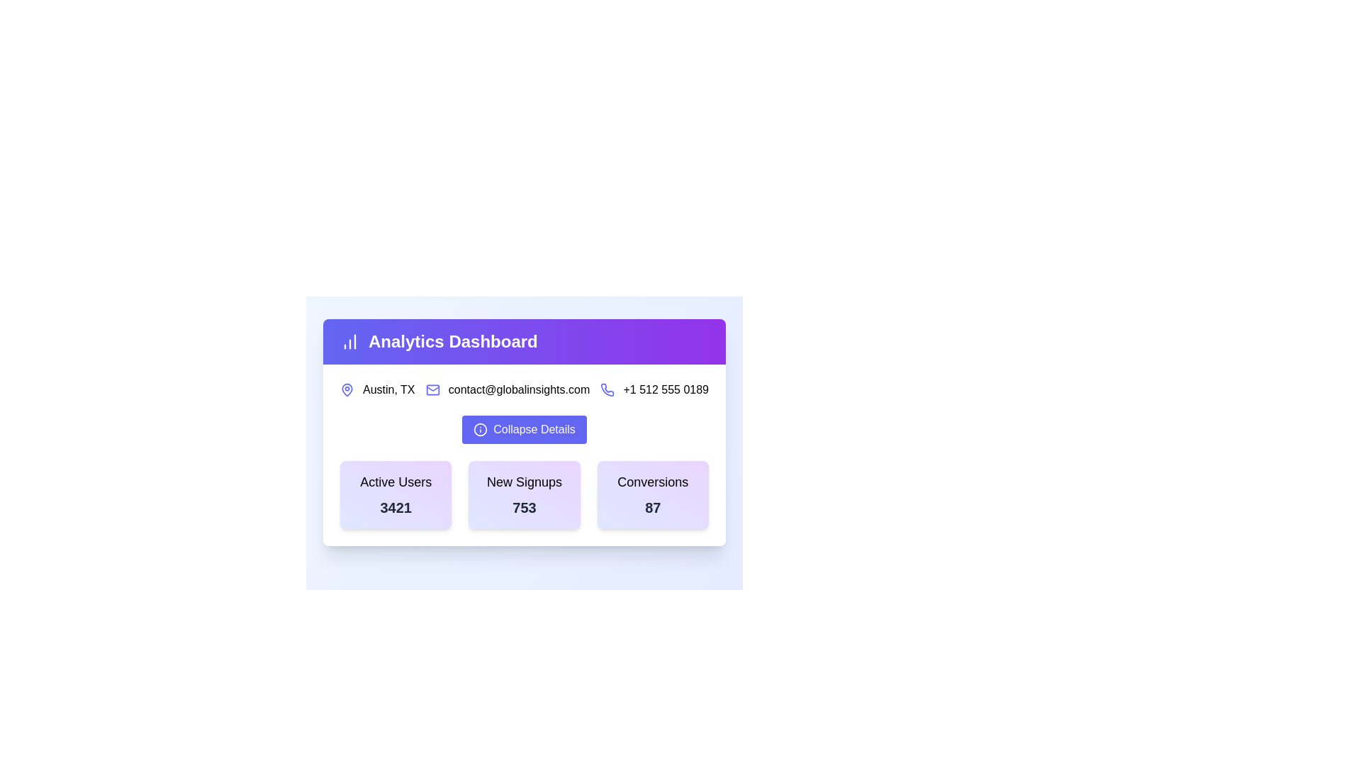 This screenshot has width=1361, height=766. Describe the element at coordinates (523, 390) in the screenshot. I see `the Information display panel that shows contact information, located below the 'Analytics Dashboard' header and above the 'Collapse Details' button` at that location.